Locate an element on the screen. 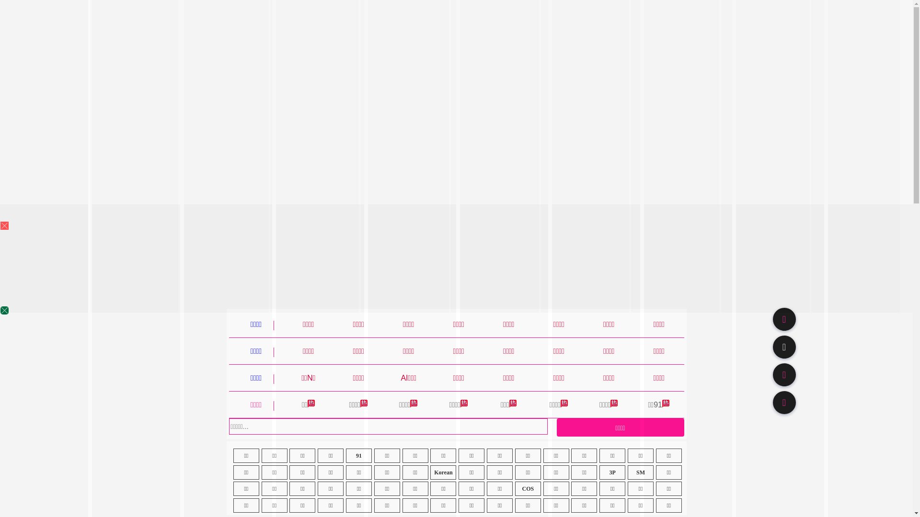  '3P' is located at coordinates (611, 472).